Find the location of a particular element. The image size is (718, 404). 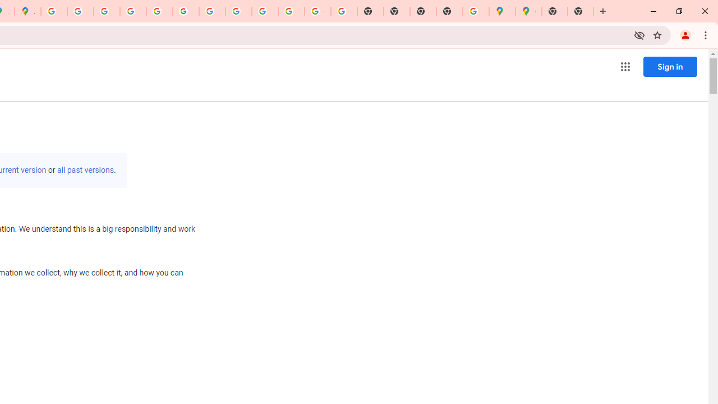

'all past versions' is located at coordinates (85, 170).